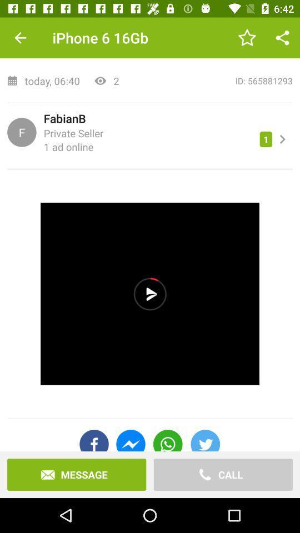  Describe the element at coordinates (20, 38) in the screenshot. I see `the item next to the iphone 6 16gb` at that location.